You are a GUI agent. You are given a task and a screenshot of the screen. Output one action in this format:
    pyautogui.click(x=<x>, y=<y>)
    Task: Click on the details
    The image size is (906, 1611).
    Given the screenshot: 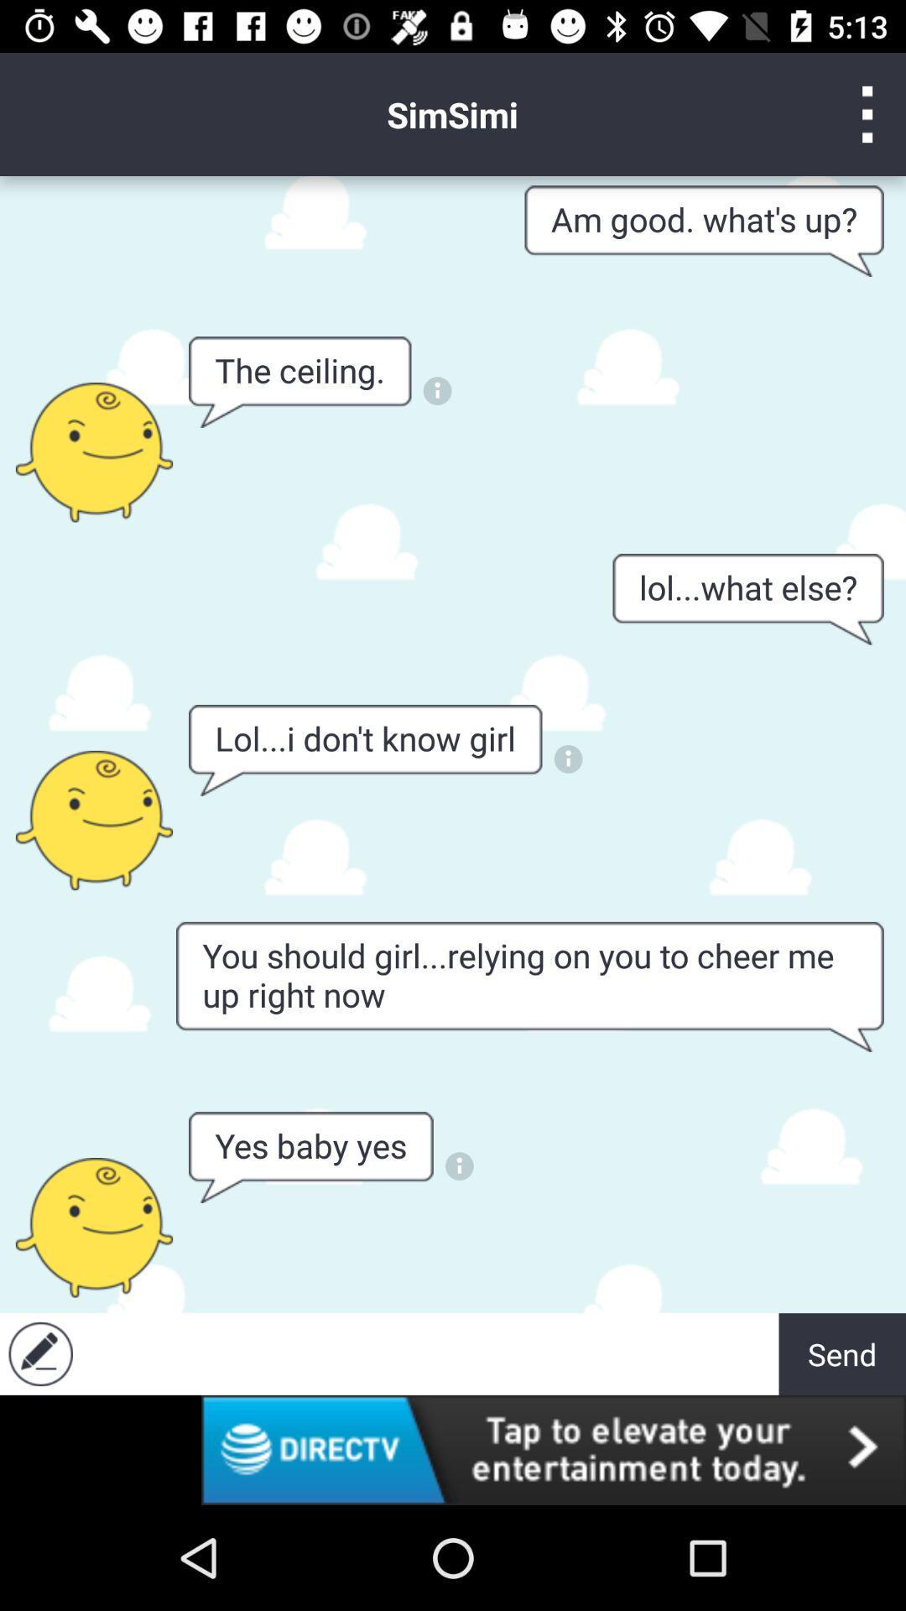 What is the action you would take?
    pyautogui.click(x=459, y=1165)
    